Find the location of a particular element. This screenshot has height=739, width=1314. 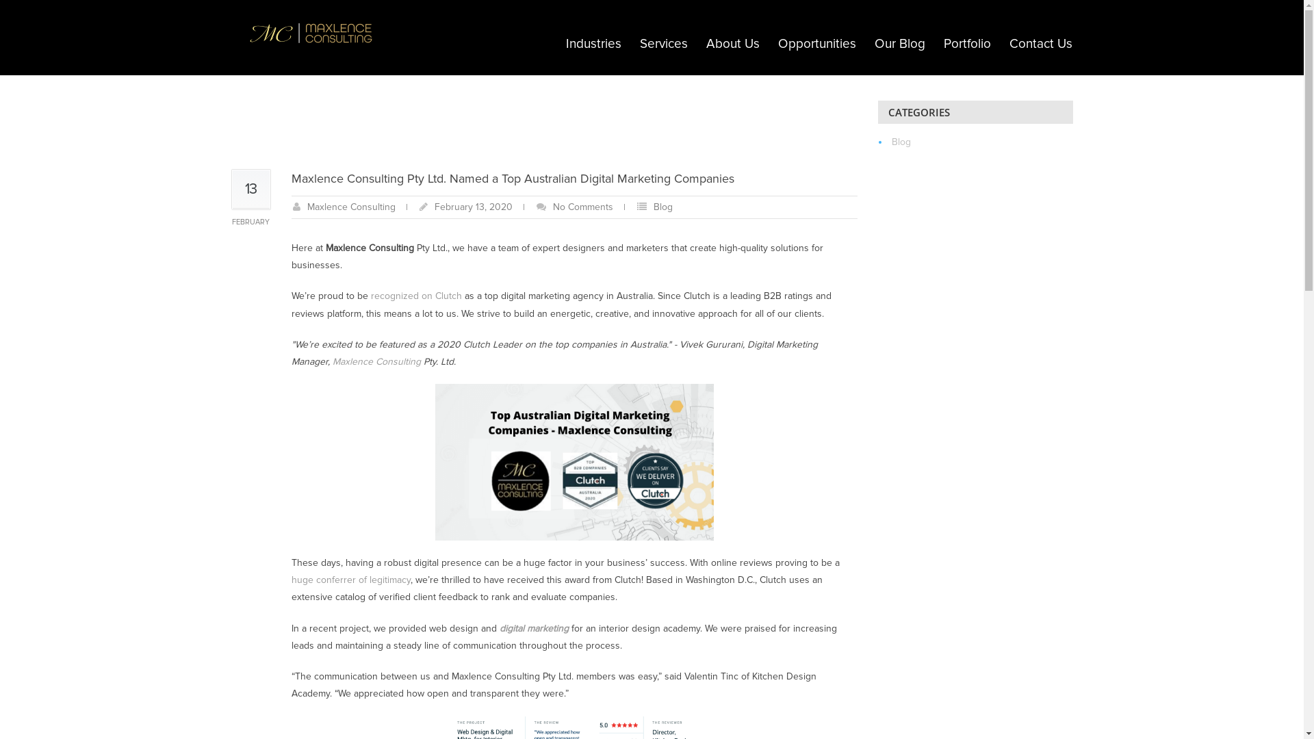

'Opportunities' is located at coordinates (817, 43).